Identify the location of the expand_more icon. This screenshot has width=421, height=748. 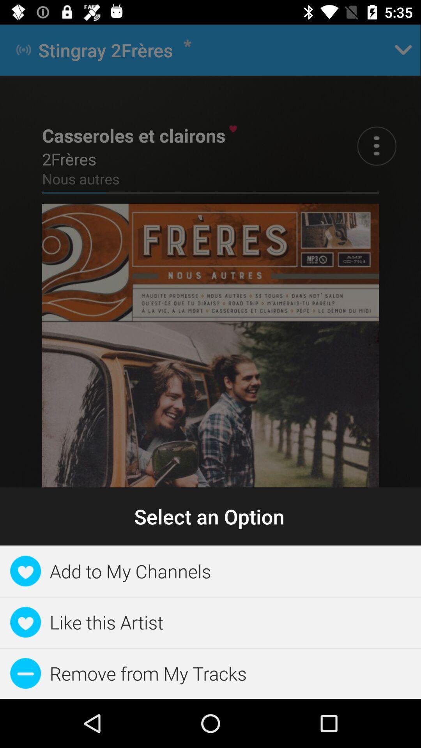
(403, 49).